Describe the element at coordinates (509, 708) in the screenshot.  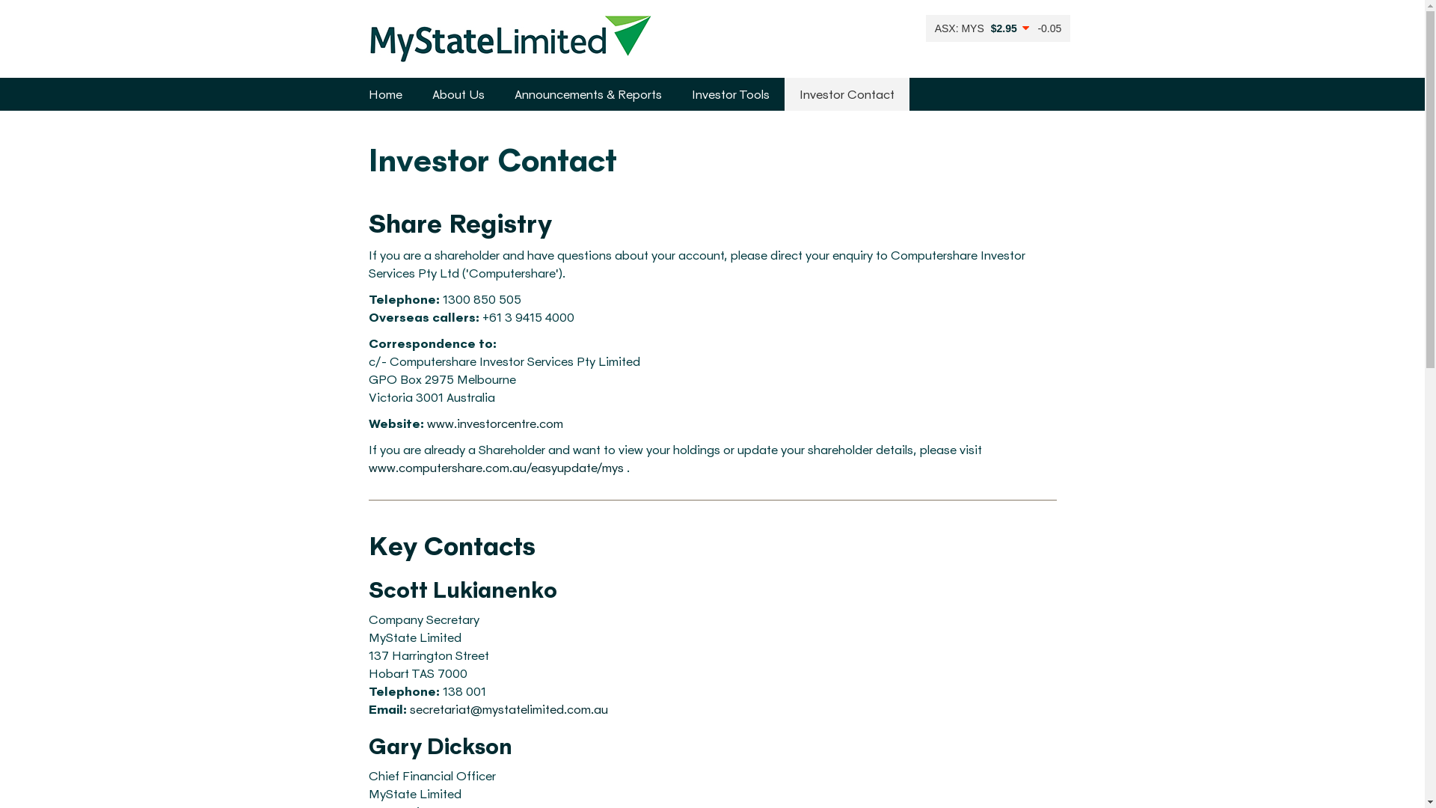
I see `'secretariat@mystatelimited.com.au'` at that location.